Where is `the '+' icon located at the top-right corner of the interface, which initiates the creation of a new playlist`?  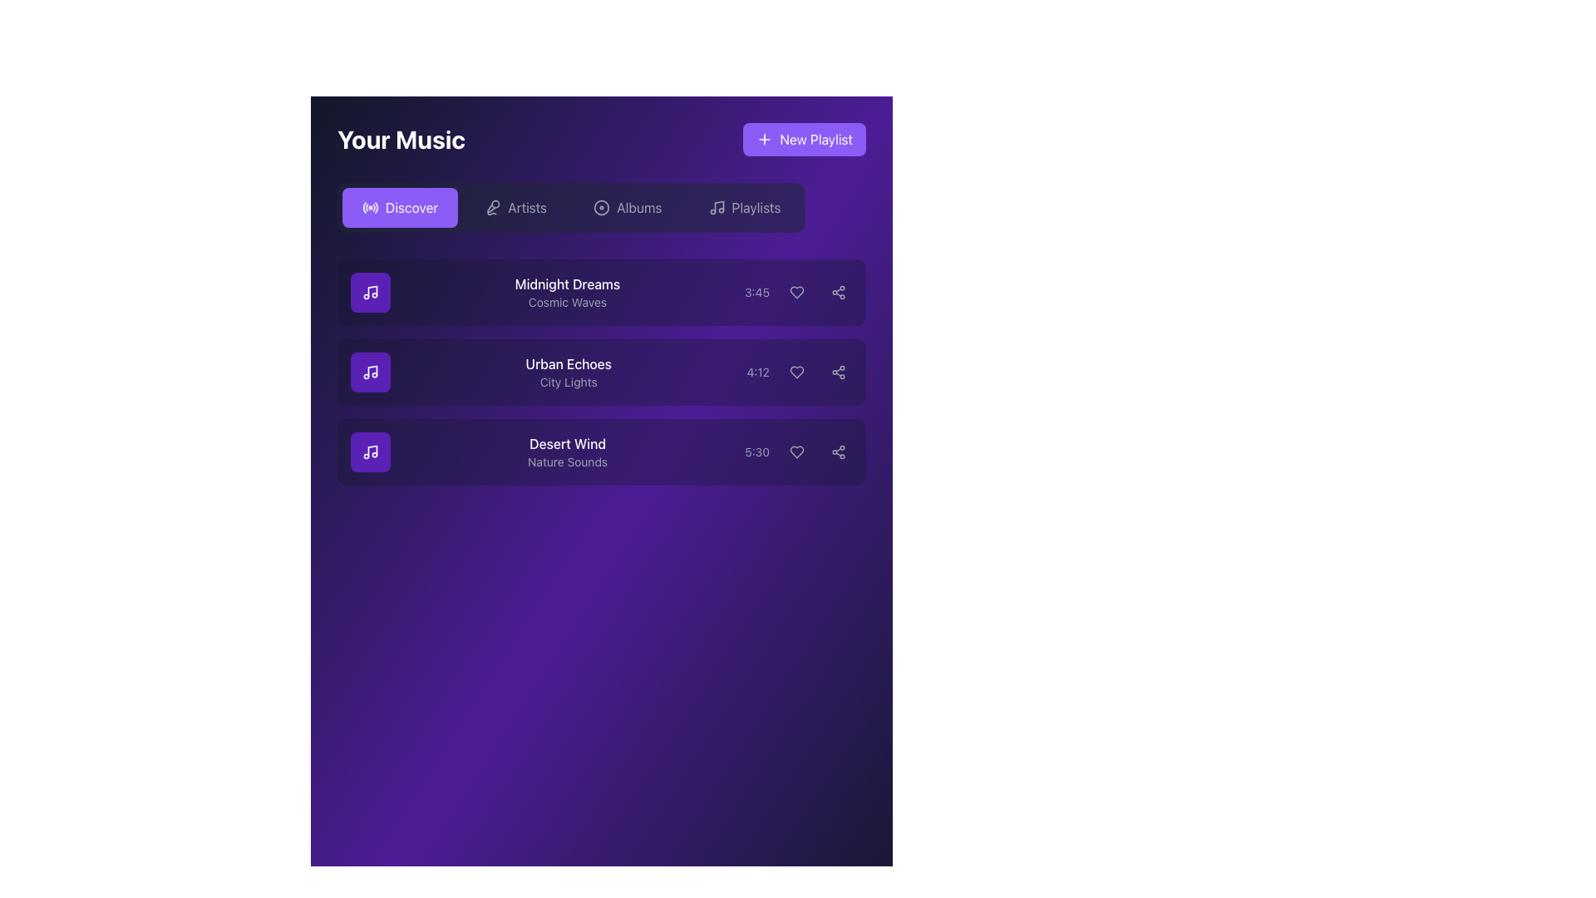 the '+' icon located at the top-right corner of the interface, which initiates the creation of a new playlist is located at coordinates (764, 139).